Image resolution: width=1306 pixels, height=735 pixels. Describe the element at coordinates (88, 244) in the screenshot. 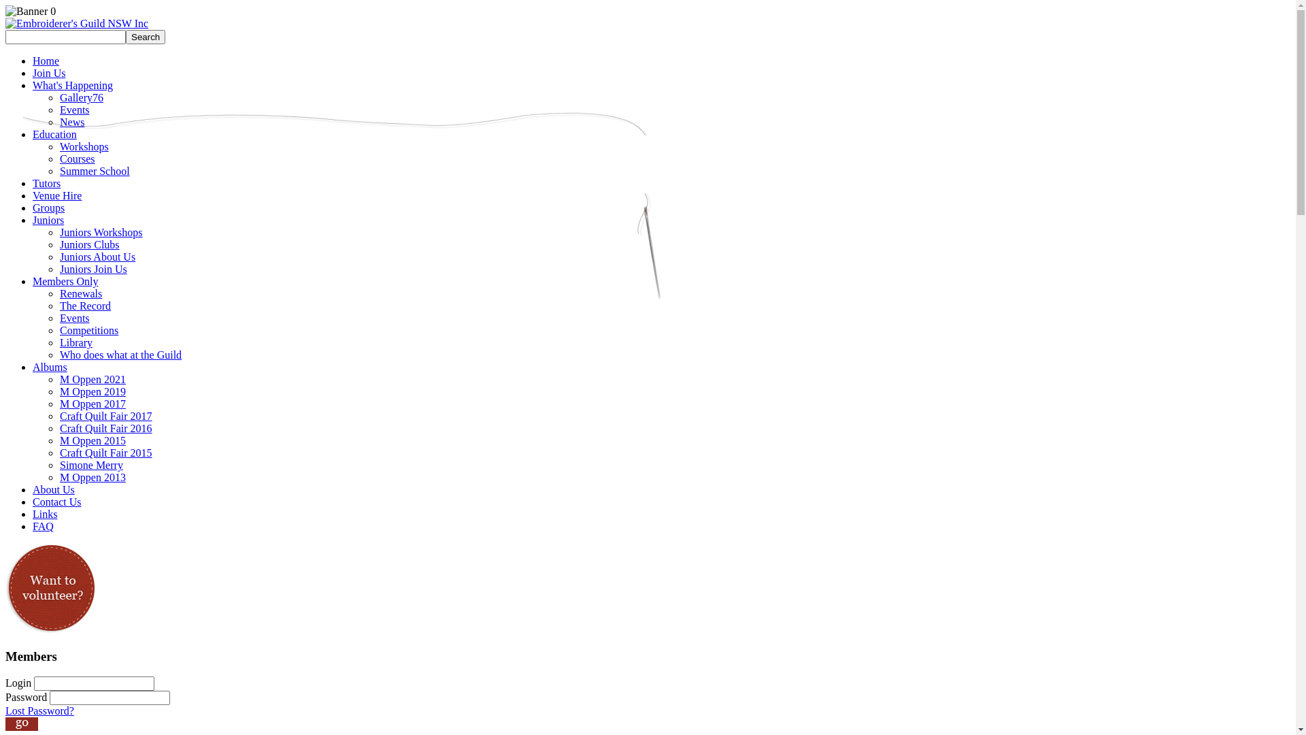

I see `'Juniors Clubs'` at that location.